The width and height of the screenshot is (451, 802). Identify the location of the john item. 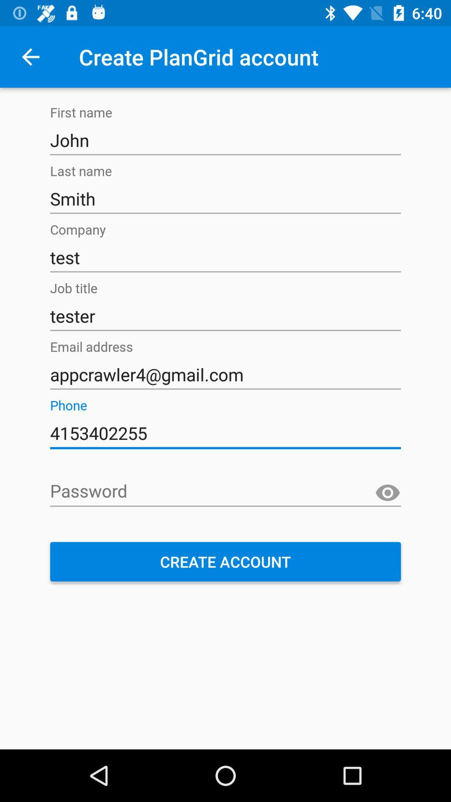
(225, 140).